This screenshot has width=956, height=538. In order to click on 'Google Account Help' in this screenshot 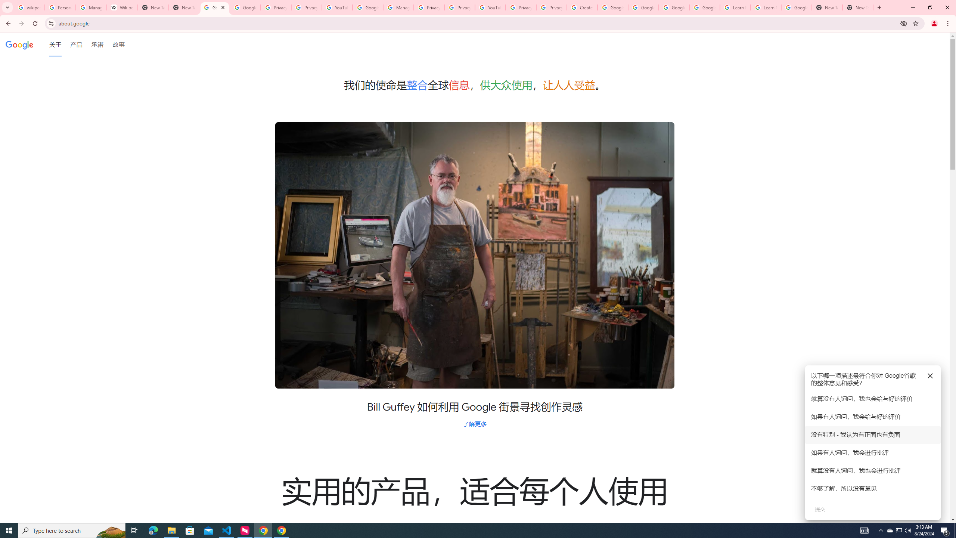, I will do `click(674, 7)`.